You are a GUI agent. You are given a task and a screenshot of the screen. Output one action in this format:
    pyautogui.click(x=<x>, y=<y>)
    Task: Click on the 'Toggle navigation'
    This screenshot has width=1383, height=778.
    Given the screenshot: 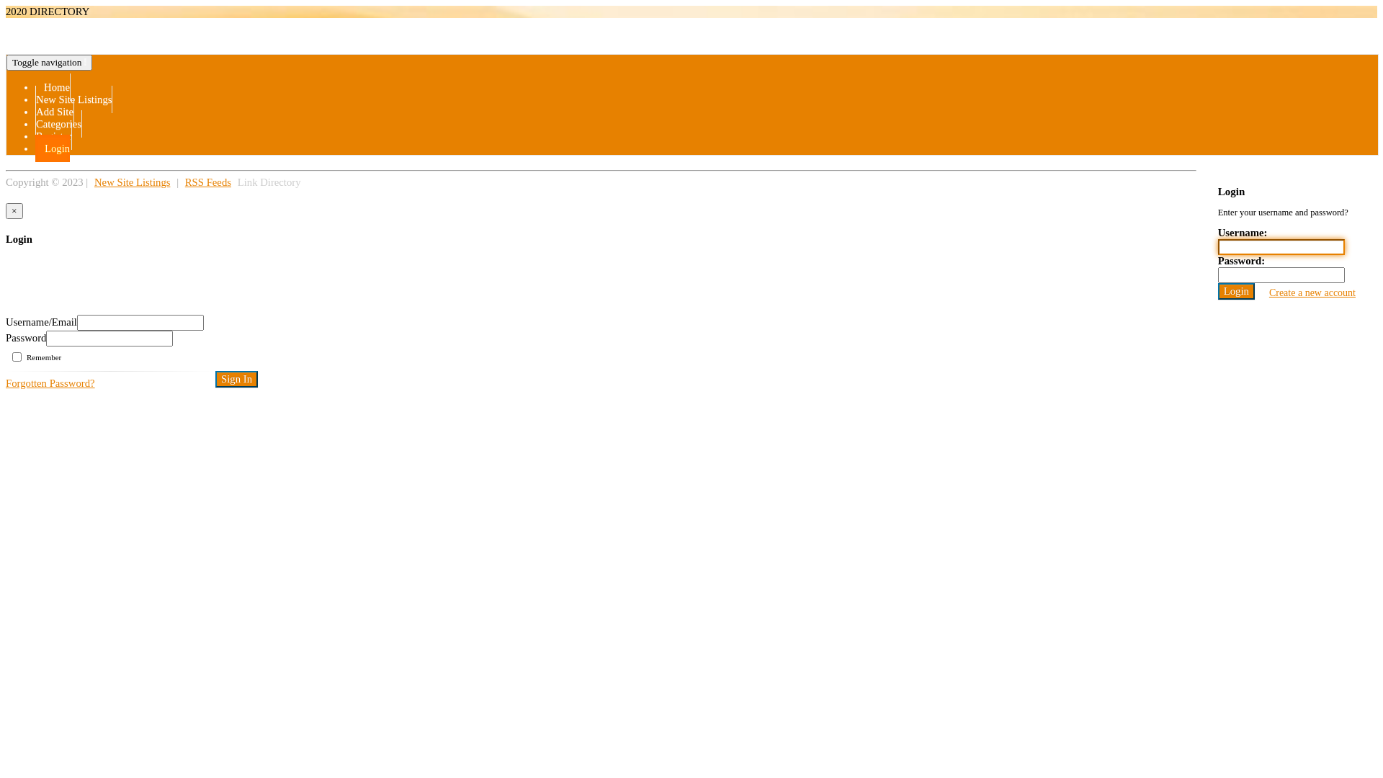 What is the action you would take?
    pyautogui.click(x=49, y=62)
    